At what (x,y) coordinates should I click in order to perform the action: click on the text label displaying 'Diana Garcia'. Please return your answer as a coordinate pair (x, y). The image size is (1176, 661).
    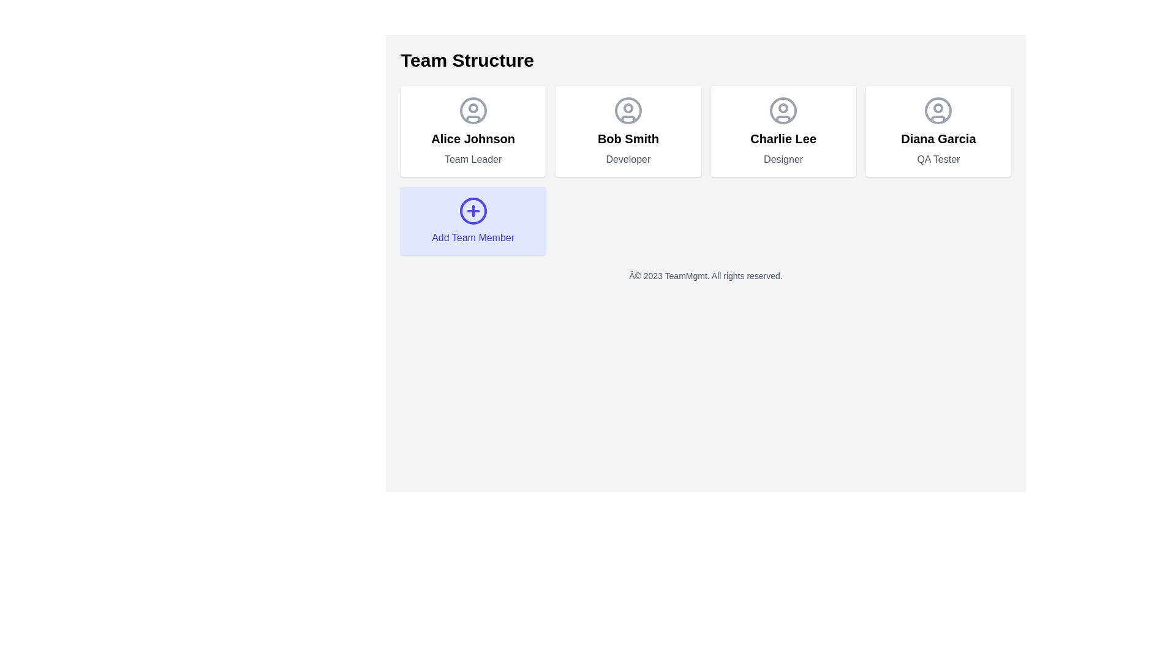
    Looking at the image, I should click on (938, 138).